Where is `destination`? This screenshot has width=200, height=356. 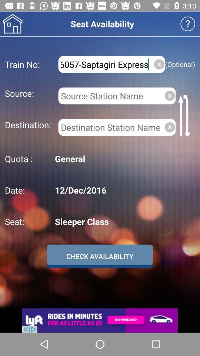
destination is located at coordinates (109, 127).